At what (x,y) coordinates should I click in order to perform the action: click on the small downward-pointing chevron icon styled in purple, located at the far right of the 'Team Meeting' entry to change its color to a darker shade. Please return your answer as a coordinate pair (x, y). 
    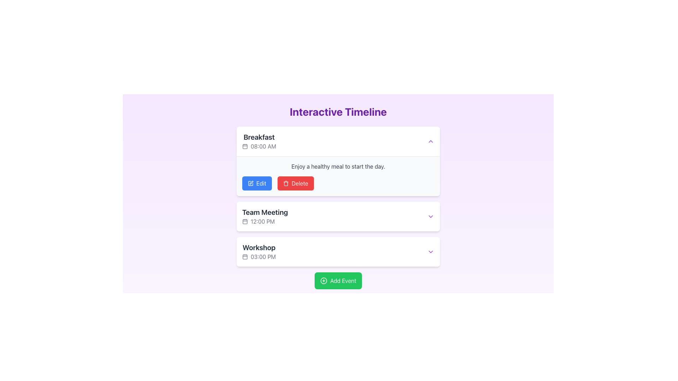
    Looking at the image, I should click on (430, 216).